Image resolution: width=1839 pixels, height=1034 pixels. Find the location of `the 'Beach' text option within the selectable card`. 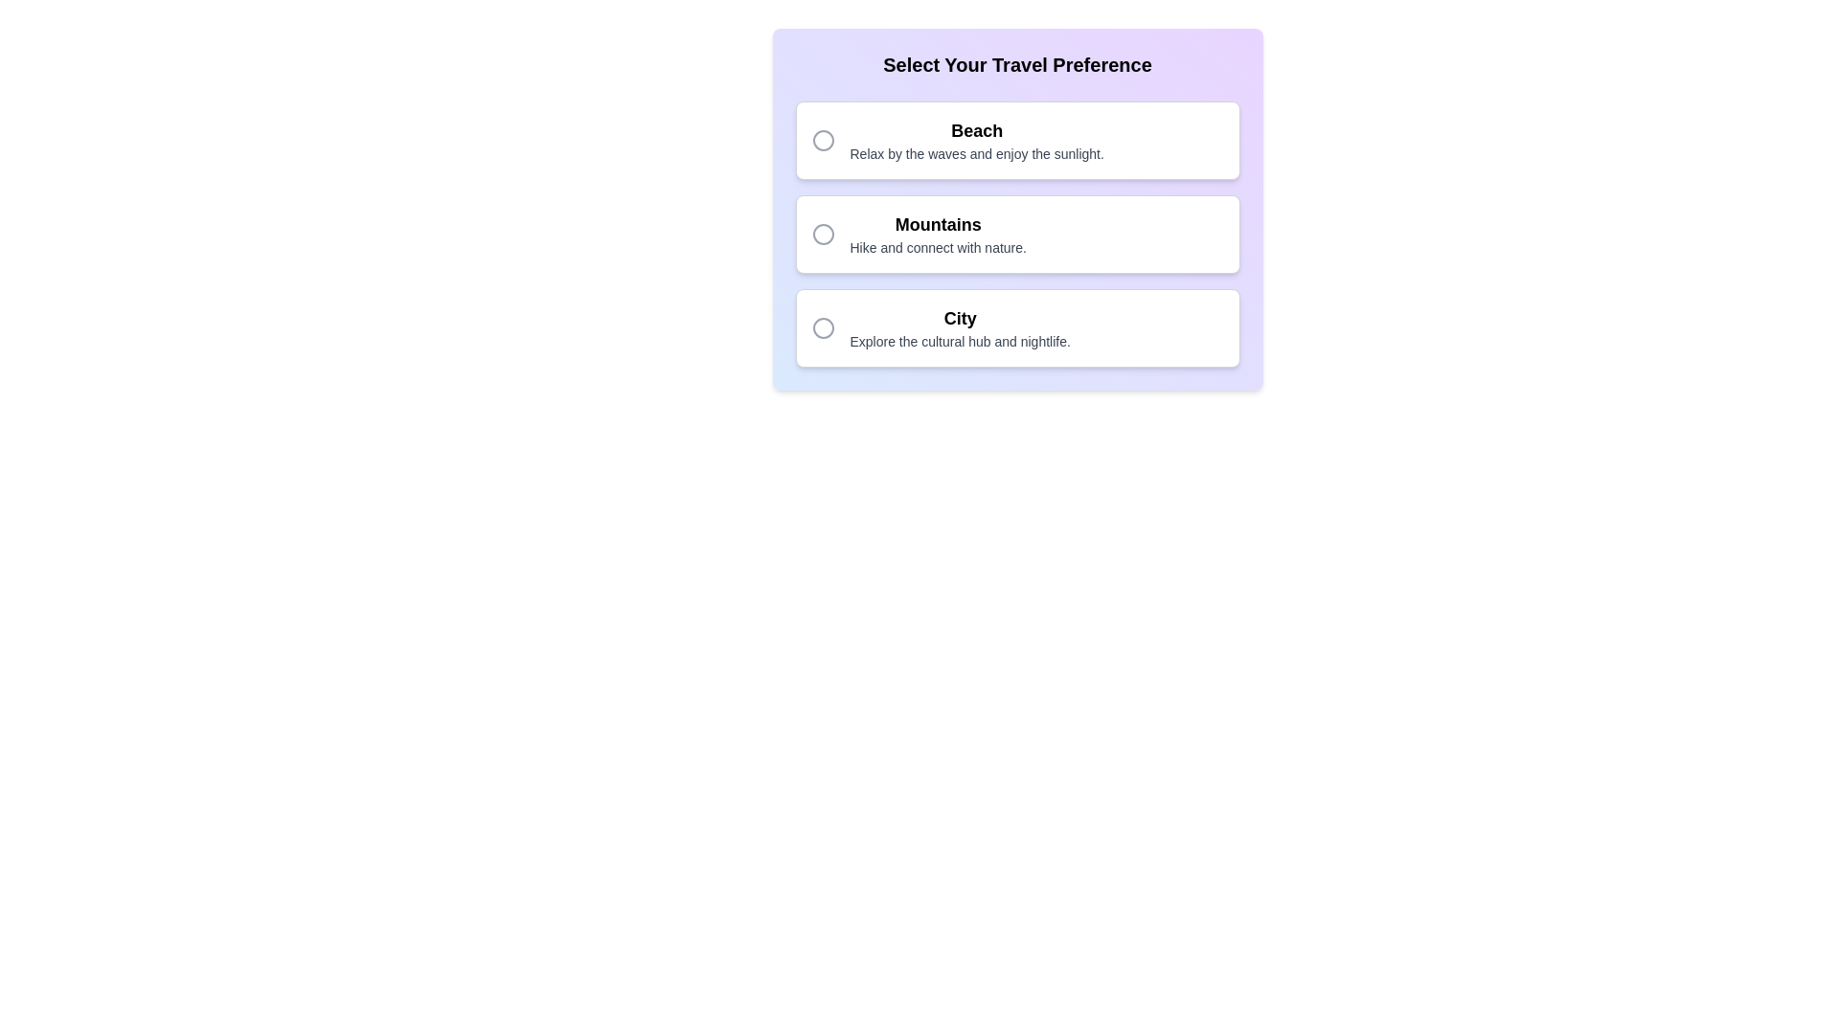

the 'Beach' text option within the selectable card is located at coordinates (977, 139).